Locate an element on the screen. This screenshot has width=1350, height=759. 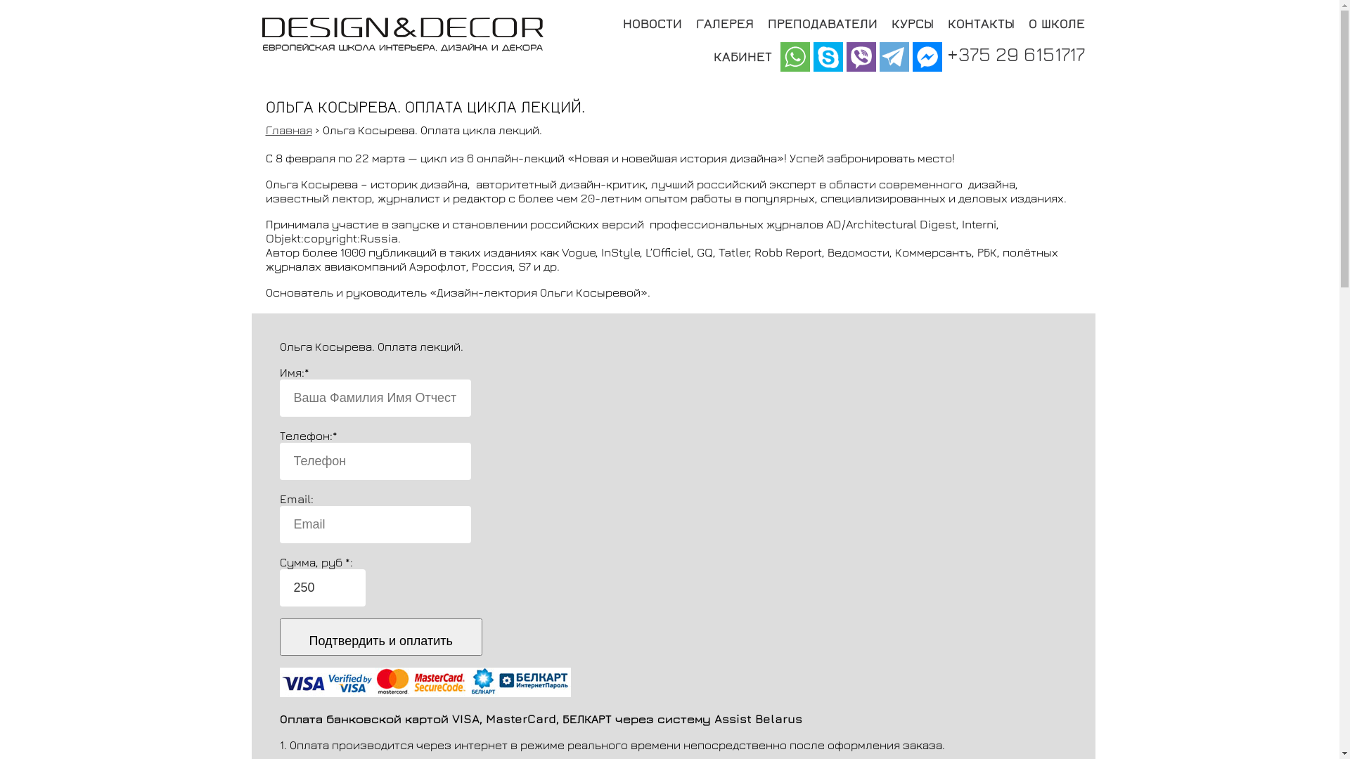
'+375 29 6151717' is located at coordinates (1015, 53).